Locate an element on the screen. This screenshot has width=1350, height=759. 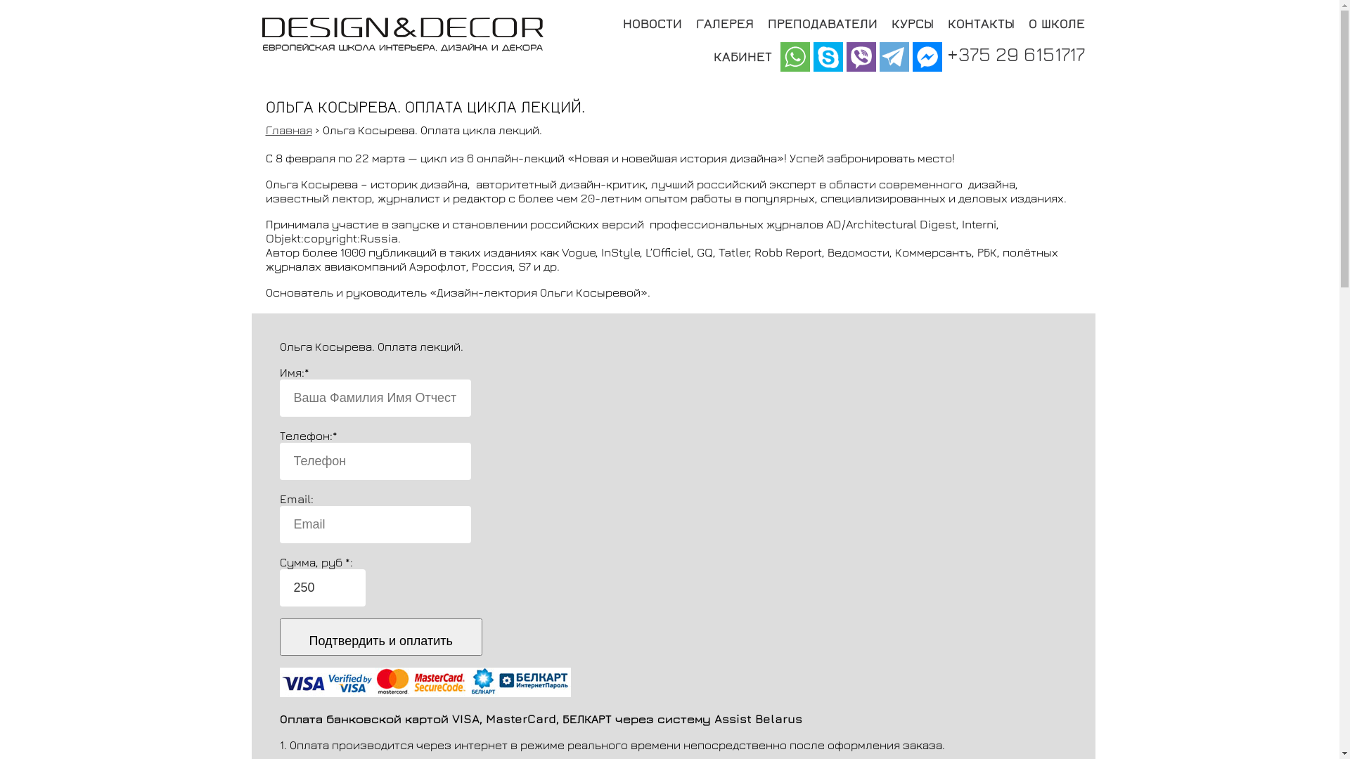
'+375 29 6151717' is located at coordinates (1015, 53).